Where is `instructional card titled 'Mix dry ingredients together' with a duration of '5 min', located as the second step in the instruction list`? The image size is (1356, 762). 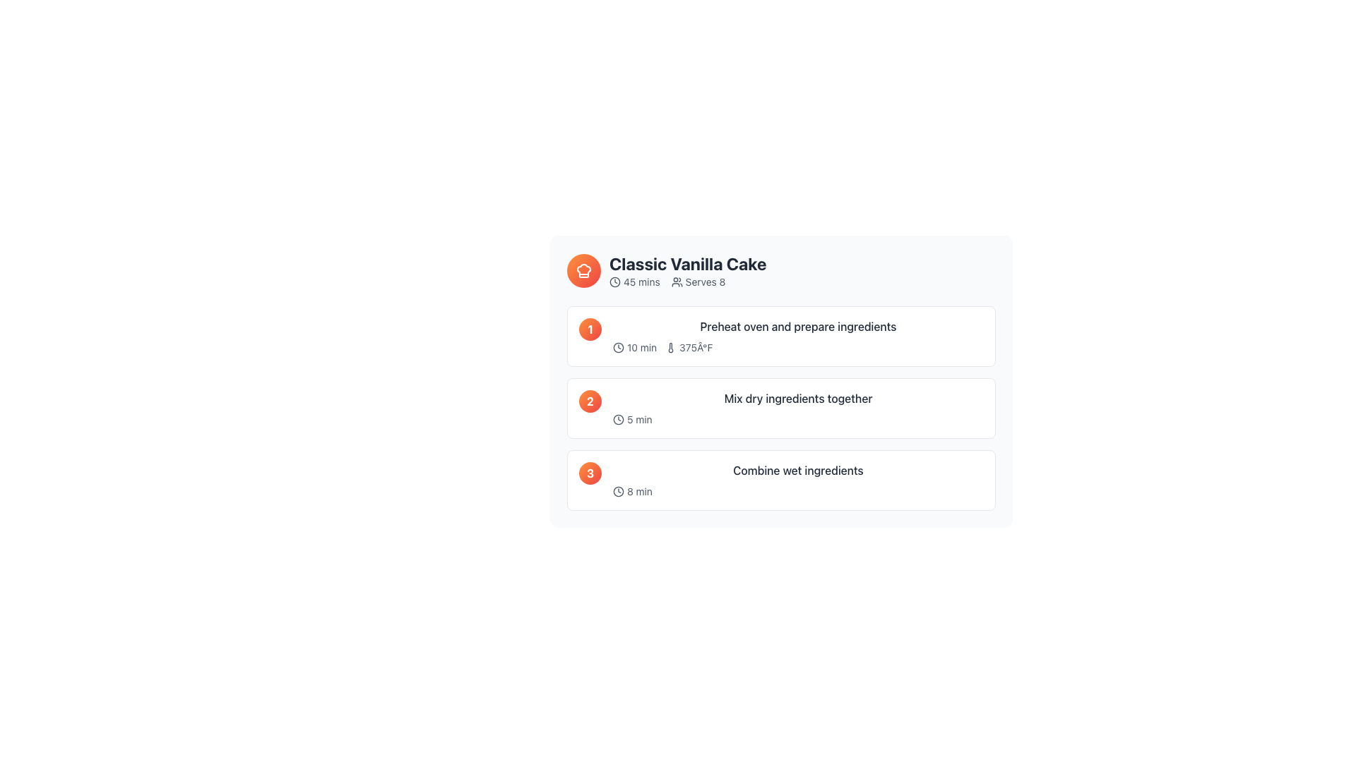
instructional card titled 'Mix dry ingredients together' with a duration of '5 min', located as the second step in the instruction list is located at coordinates (798, 408).